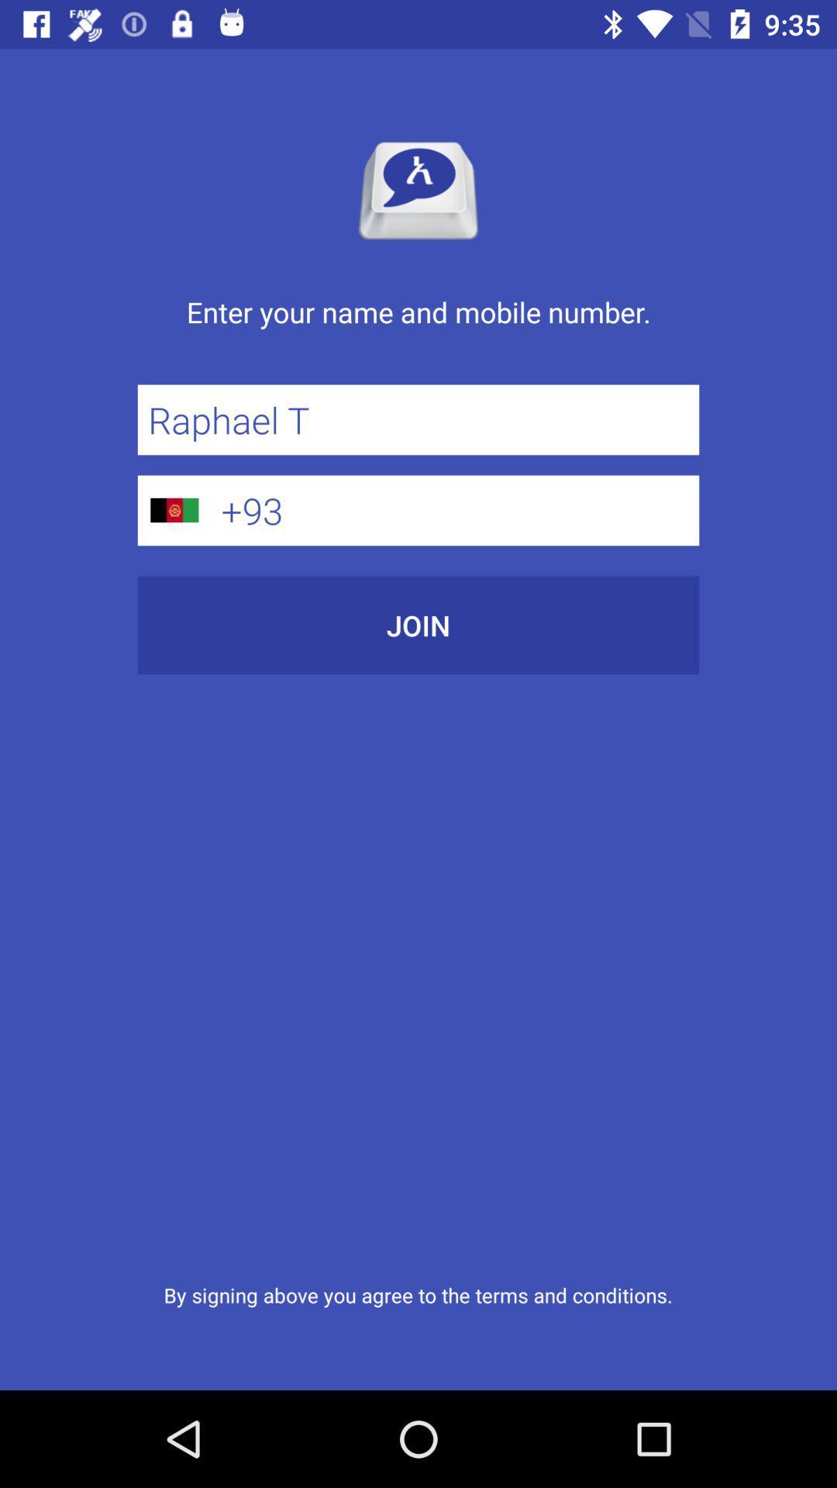  I want to click on the icon above join icon, so click(454, 510).